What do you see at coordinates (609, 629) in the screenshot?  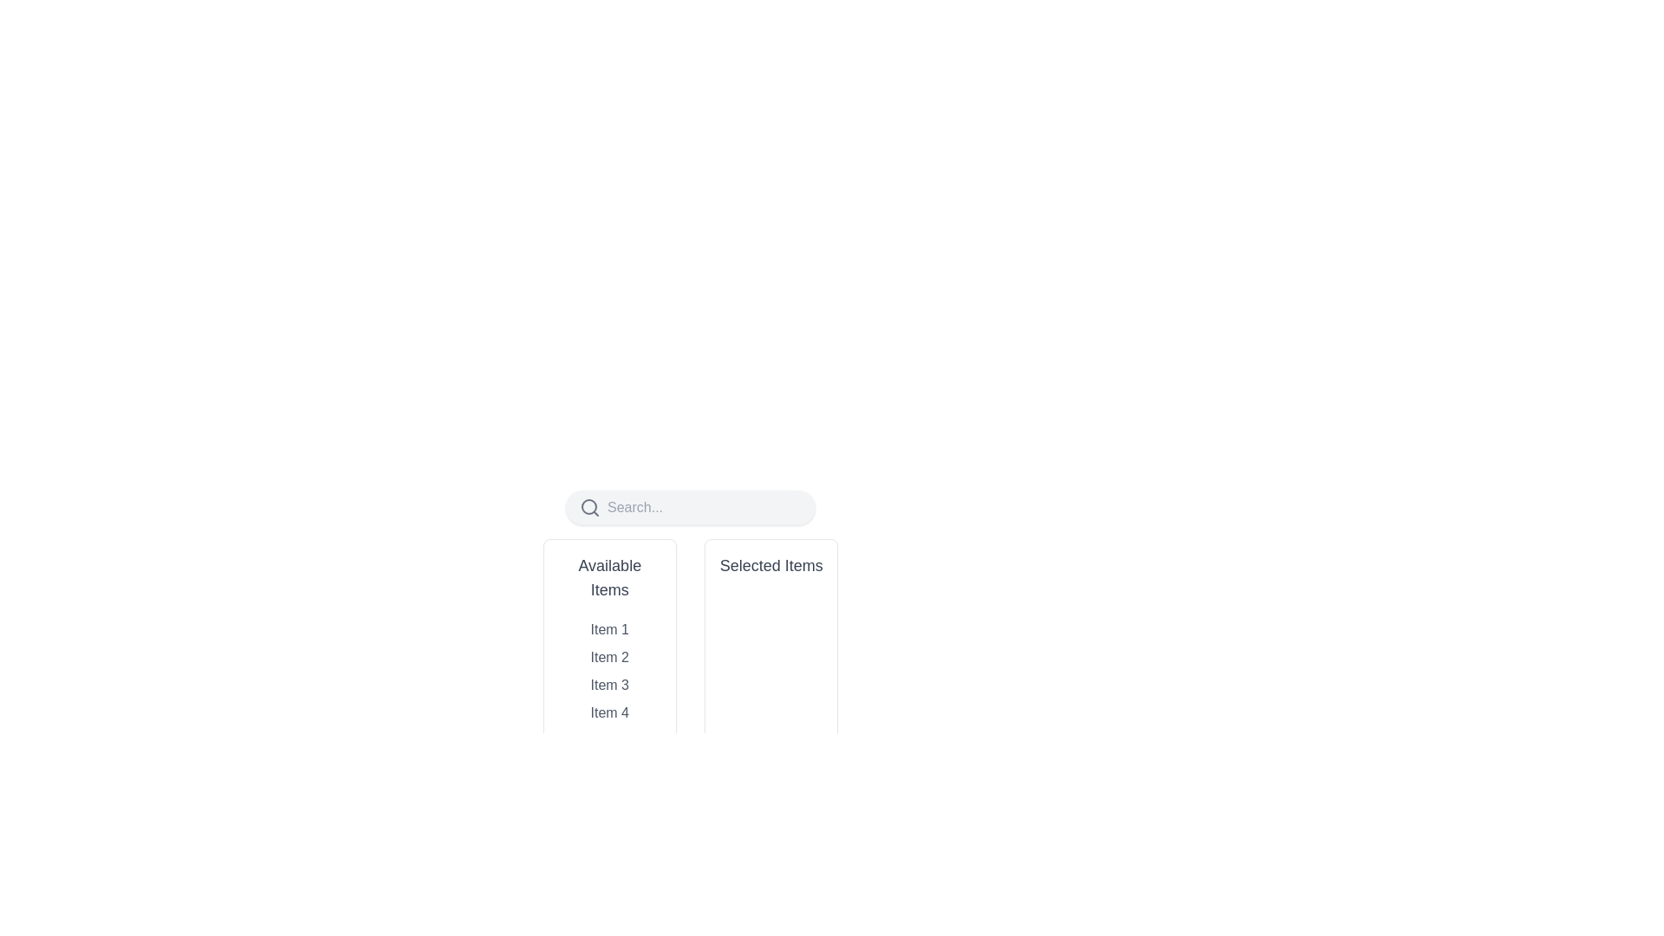 I see `the first item in the 'Available Items' list` at bounding box center [609, 629].